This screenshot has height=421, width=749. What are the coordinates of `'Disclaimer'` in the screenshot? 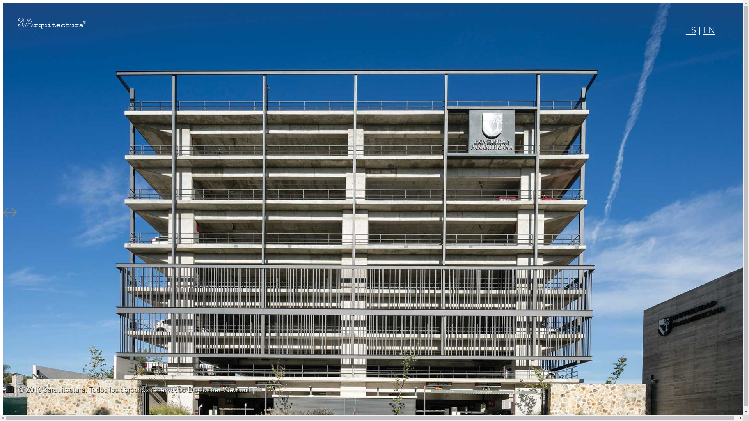 It's located at (204, 390).